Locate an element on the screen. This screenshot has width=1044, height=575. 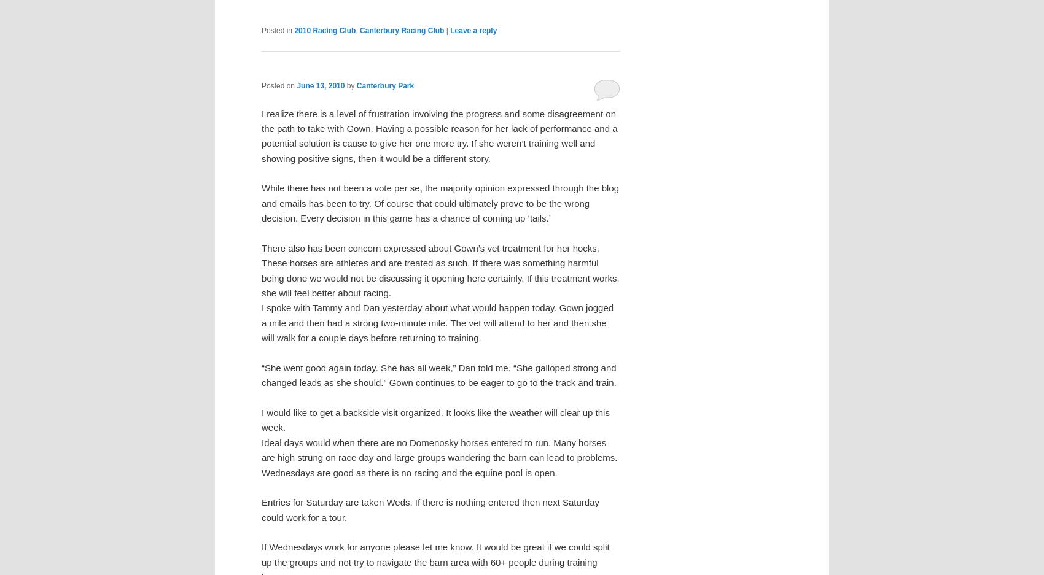
'Leave a reply' is located at coordinates (450, 30).